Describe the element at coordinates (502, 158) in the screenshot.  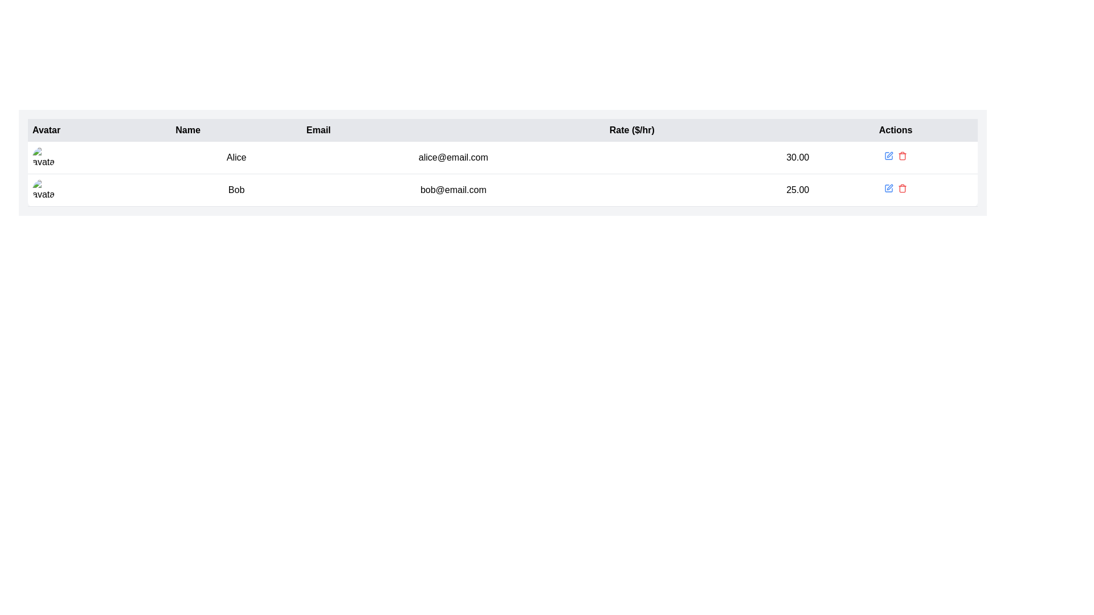
I see `the first row of the table that displays user information including avatar, name, email, and rate` at that location.